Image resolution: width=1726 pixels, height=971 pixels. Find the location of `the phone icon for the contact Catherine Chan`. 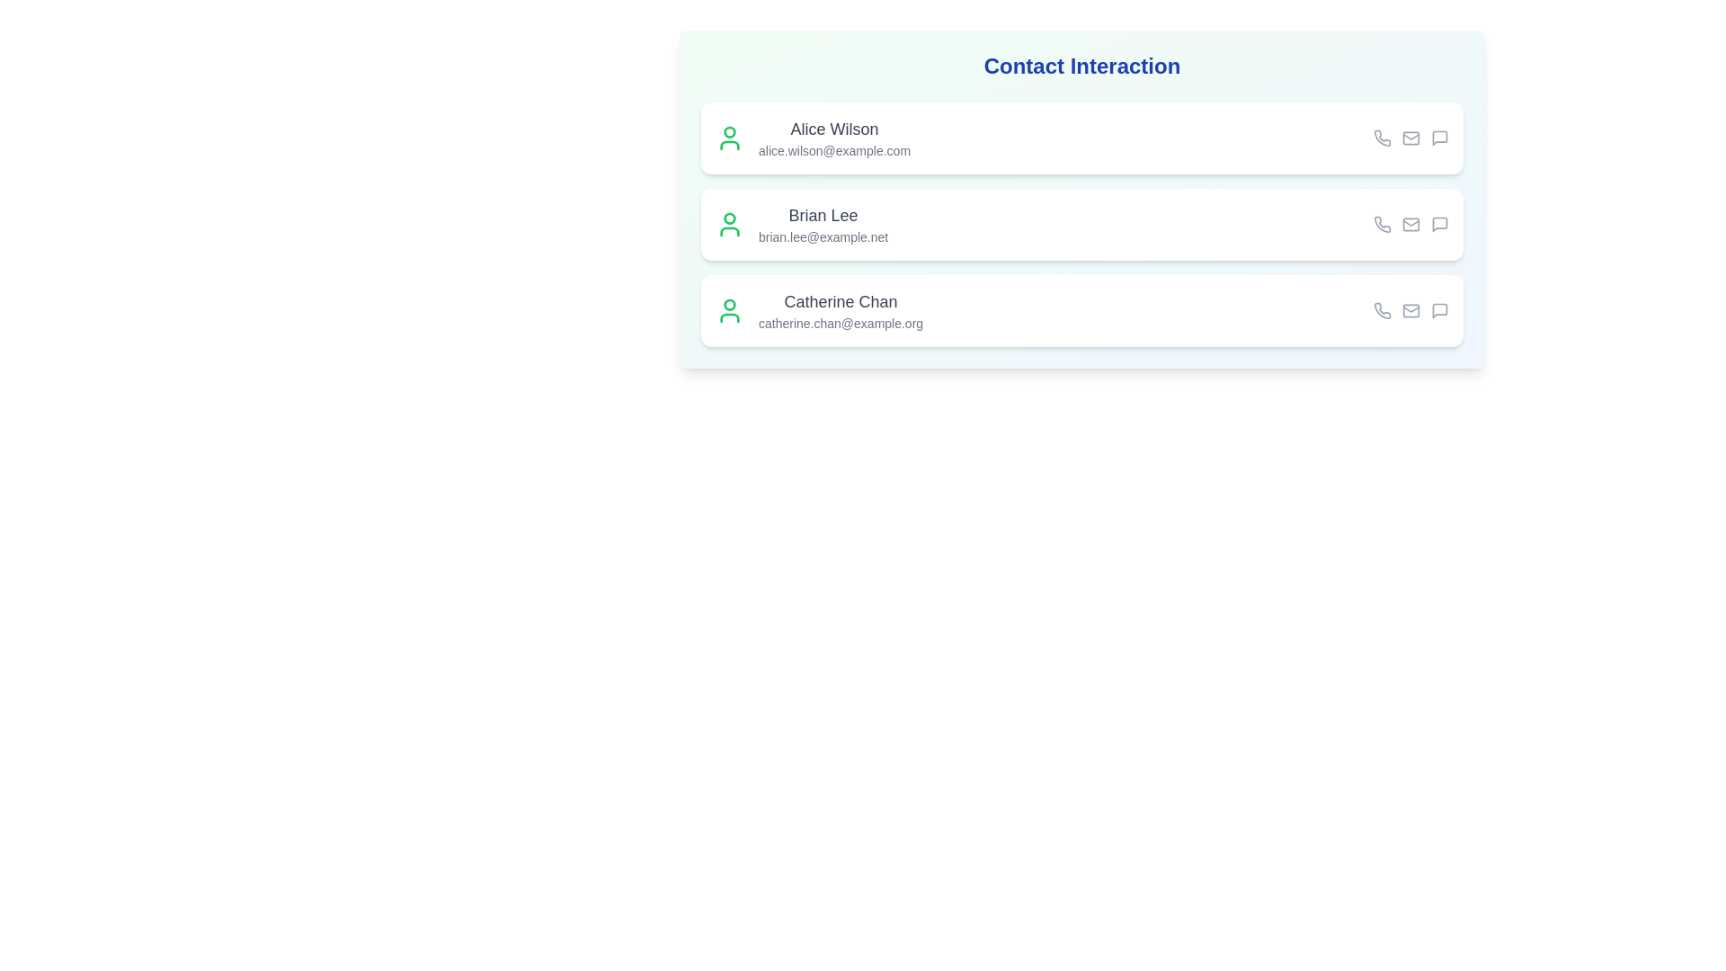

the phone icon for the contact Catherine Chan is located at coordinates (1381, 310).